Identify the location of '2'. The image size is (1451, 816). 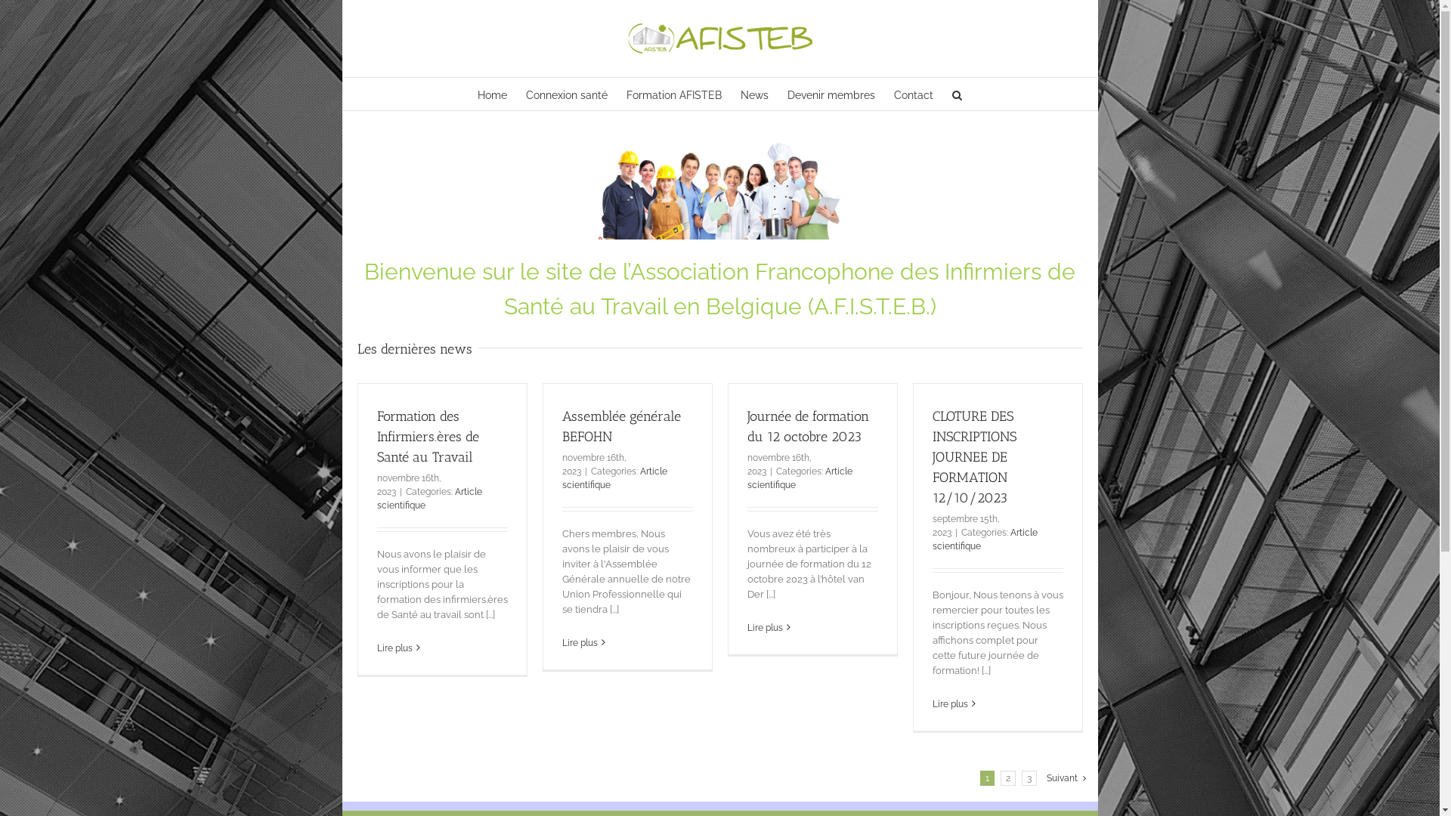
(1008, 777).